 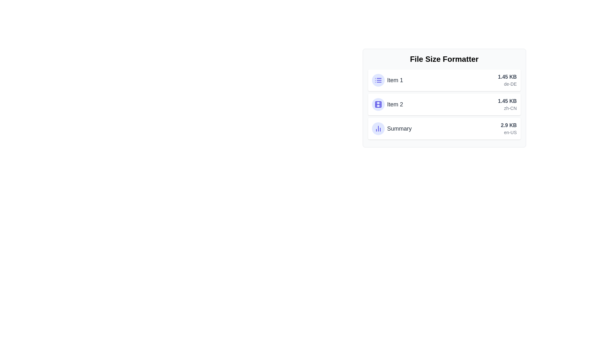 What do you see at coordinates (395, 80) in the screenshot?
I see `label displaying 'Item 1' that is aligned to the right of a list icon, which is styled in medium font size and gray color` at bounding box center [395, 80].